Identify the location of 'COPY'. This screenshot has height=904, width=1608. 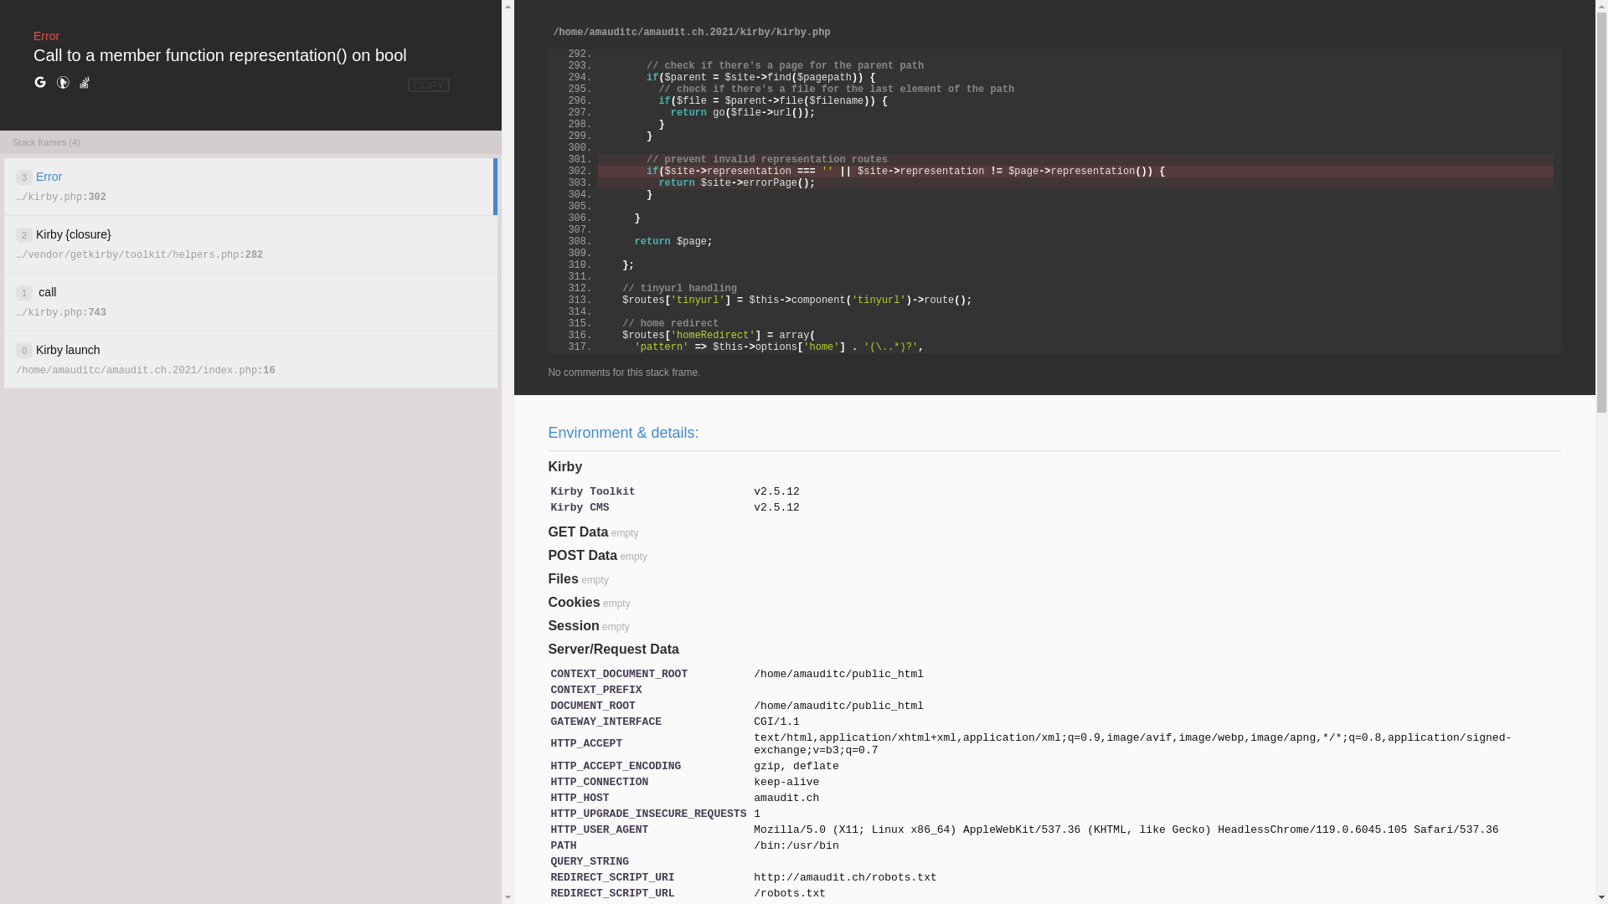
(429, 85).